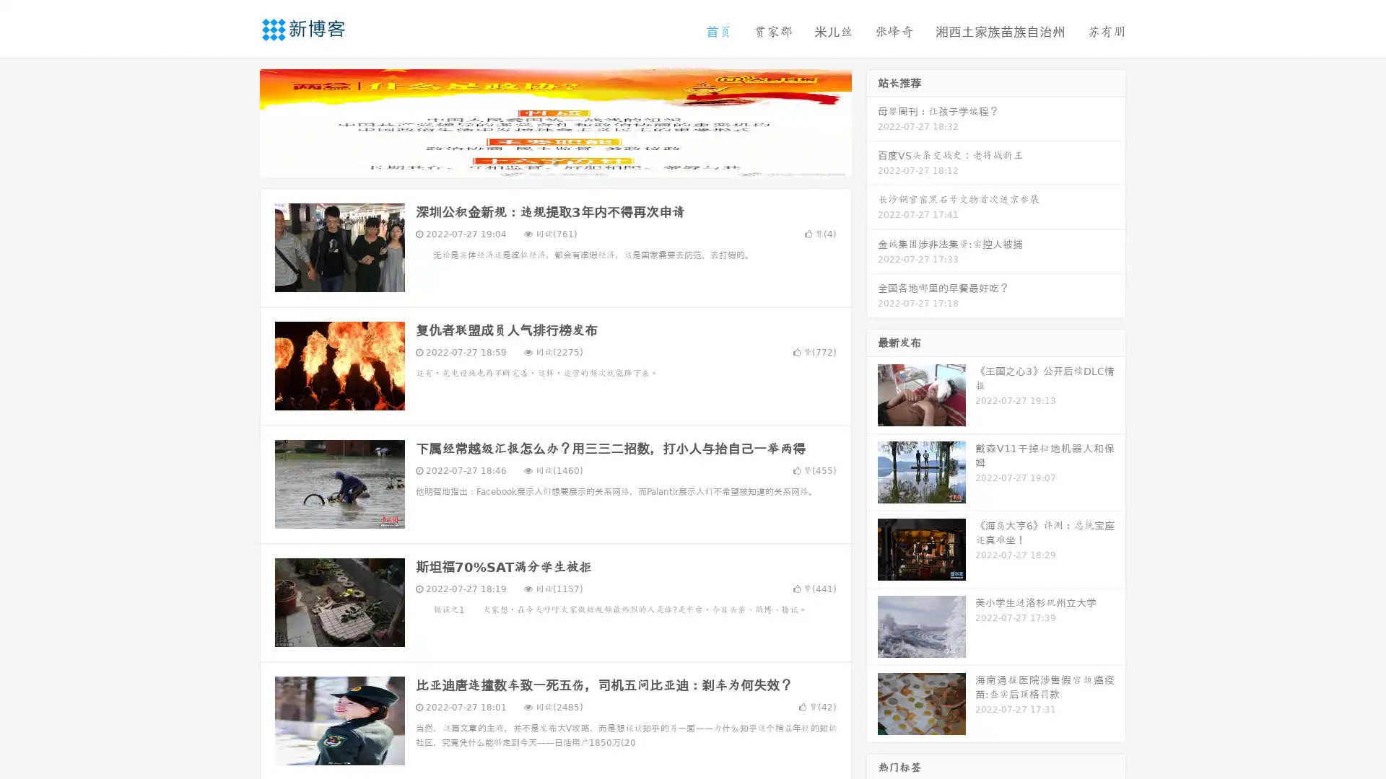 This screenshot has height=779, width=1386. Describe the element at coordinates (540, 162) in the screenshot. I see `Go to slide 1` at that location.